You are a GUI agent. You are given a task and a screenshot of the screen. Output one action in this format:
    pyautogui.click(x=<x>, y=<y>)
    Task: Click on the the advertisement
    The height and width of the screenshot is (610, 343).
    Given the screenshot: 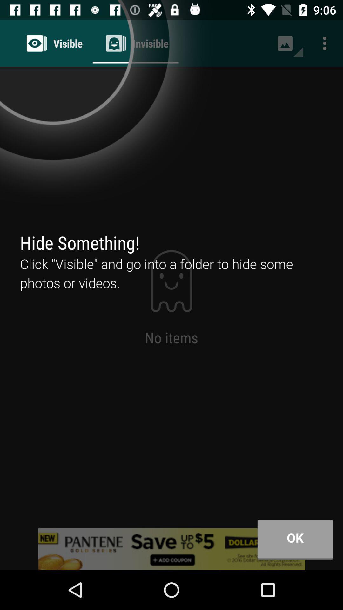 What is the action you would take?
    pyautogui.click(x=171, y=549)
    